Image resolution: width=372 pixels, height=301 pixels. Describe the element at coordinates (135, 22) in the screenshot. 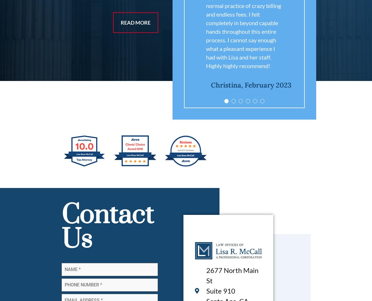

I see `'READ MORE'` at that location.